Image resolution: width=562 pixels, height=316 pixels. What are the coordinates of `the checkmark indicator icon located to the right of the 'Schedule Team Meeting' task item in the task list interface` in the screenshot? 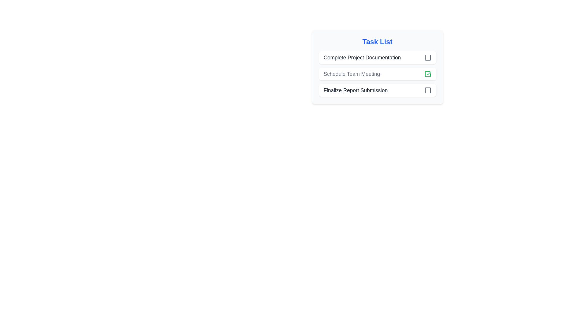 It's located at (429, 73).